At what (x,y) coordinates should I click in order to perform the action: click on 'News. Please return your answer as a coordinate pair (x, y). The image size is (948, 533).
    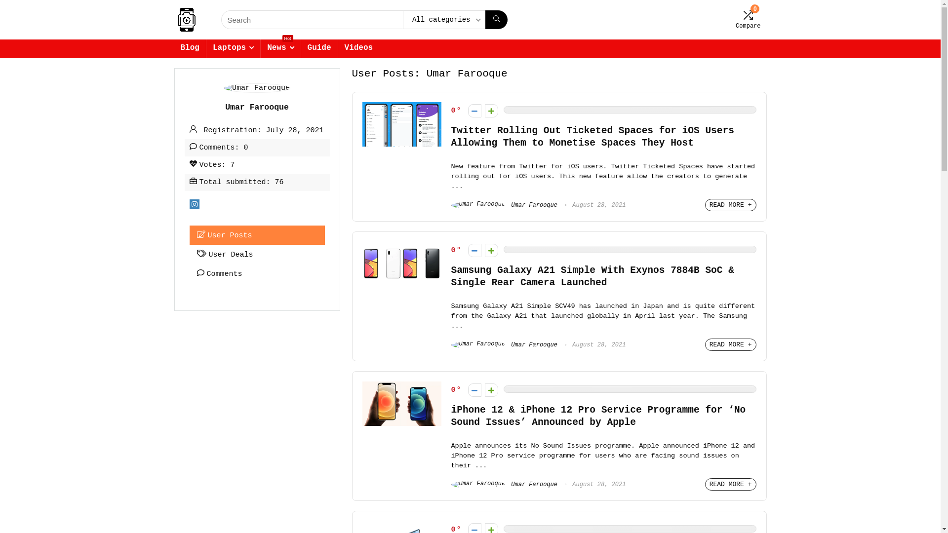
    Looking at the image, I should click on (279, 49).